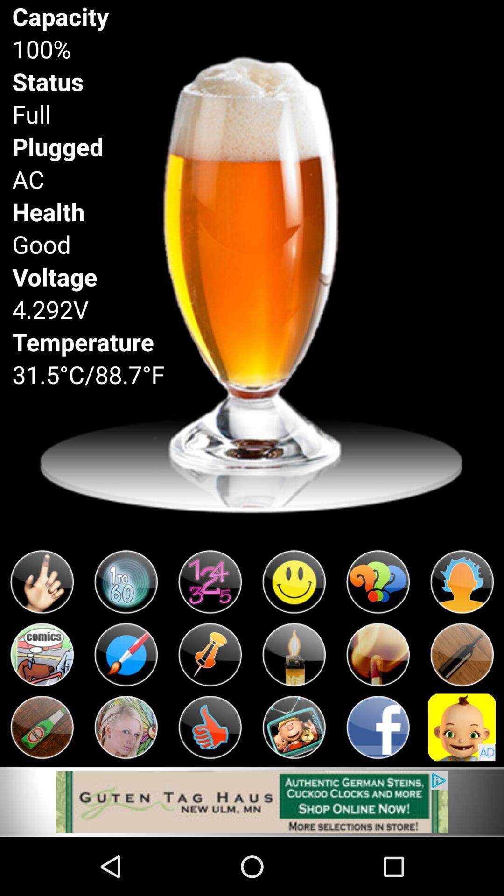 The width and height of the screenshot is (504, 896). Describe the element at coordinates (41, 654) in the screenshot. I see `it is chosen key` at that location.